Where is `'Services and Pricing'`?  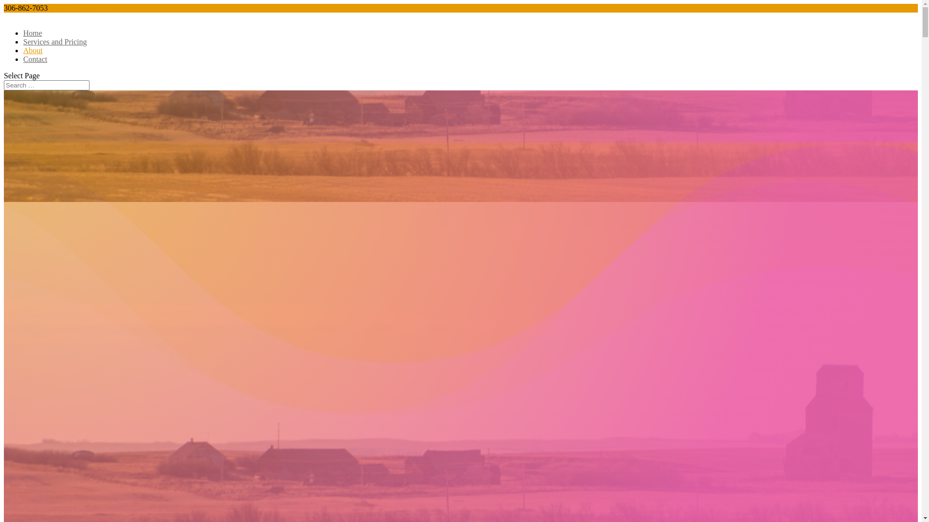 'Services and Pricing' is located at coordinates (55, 41).